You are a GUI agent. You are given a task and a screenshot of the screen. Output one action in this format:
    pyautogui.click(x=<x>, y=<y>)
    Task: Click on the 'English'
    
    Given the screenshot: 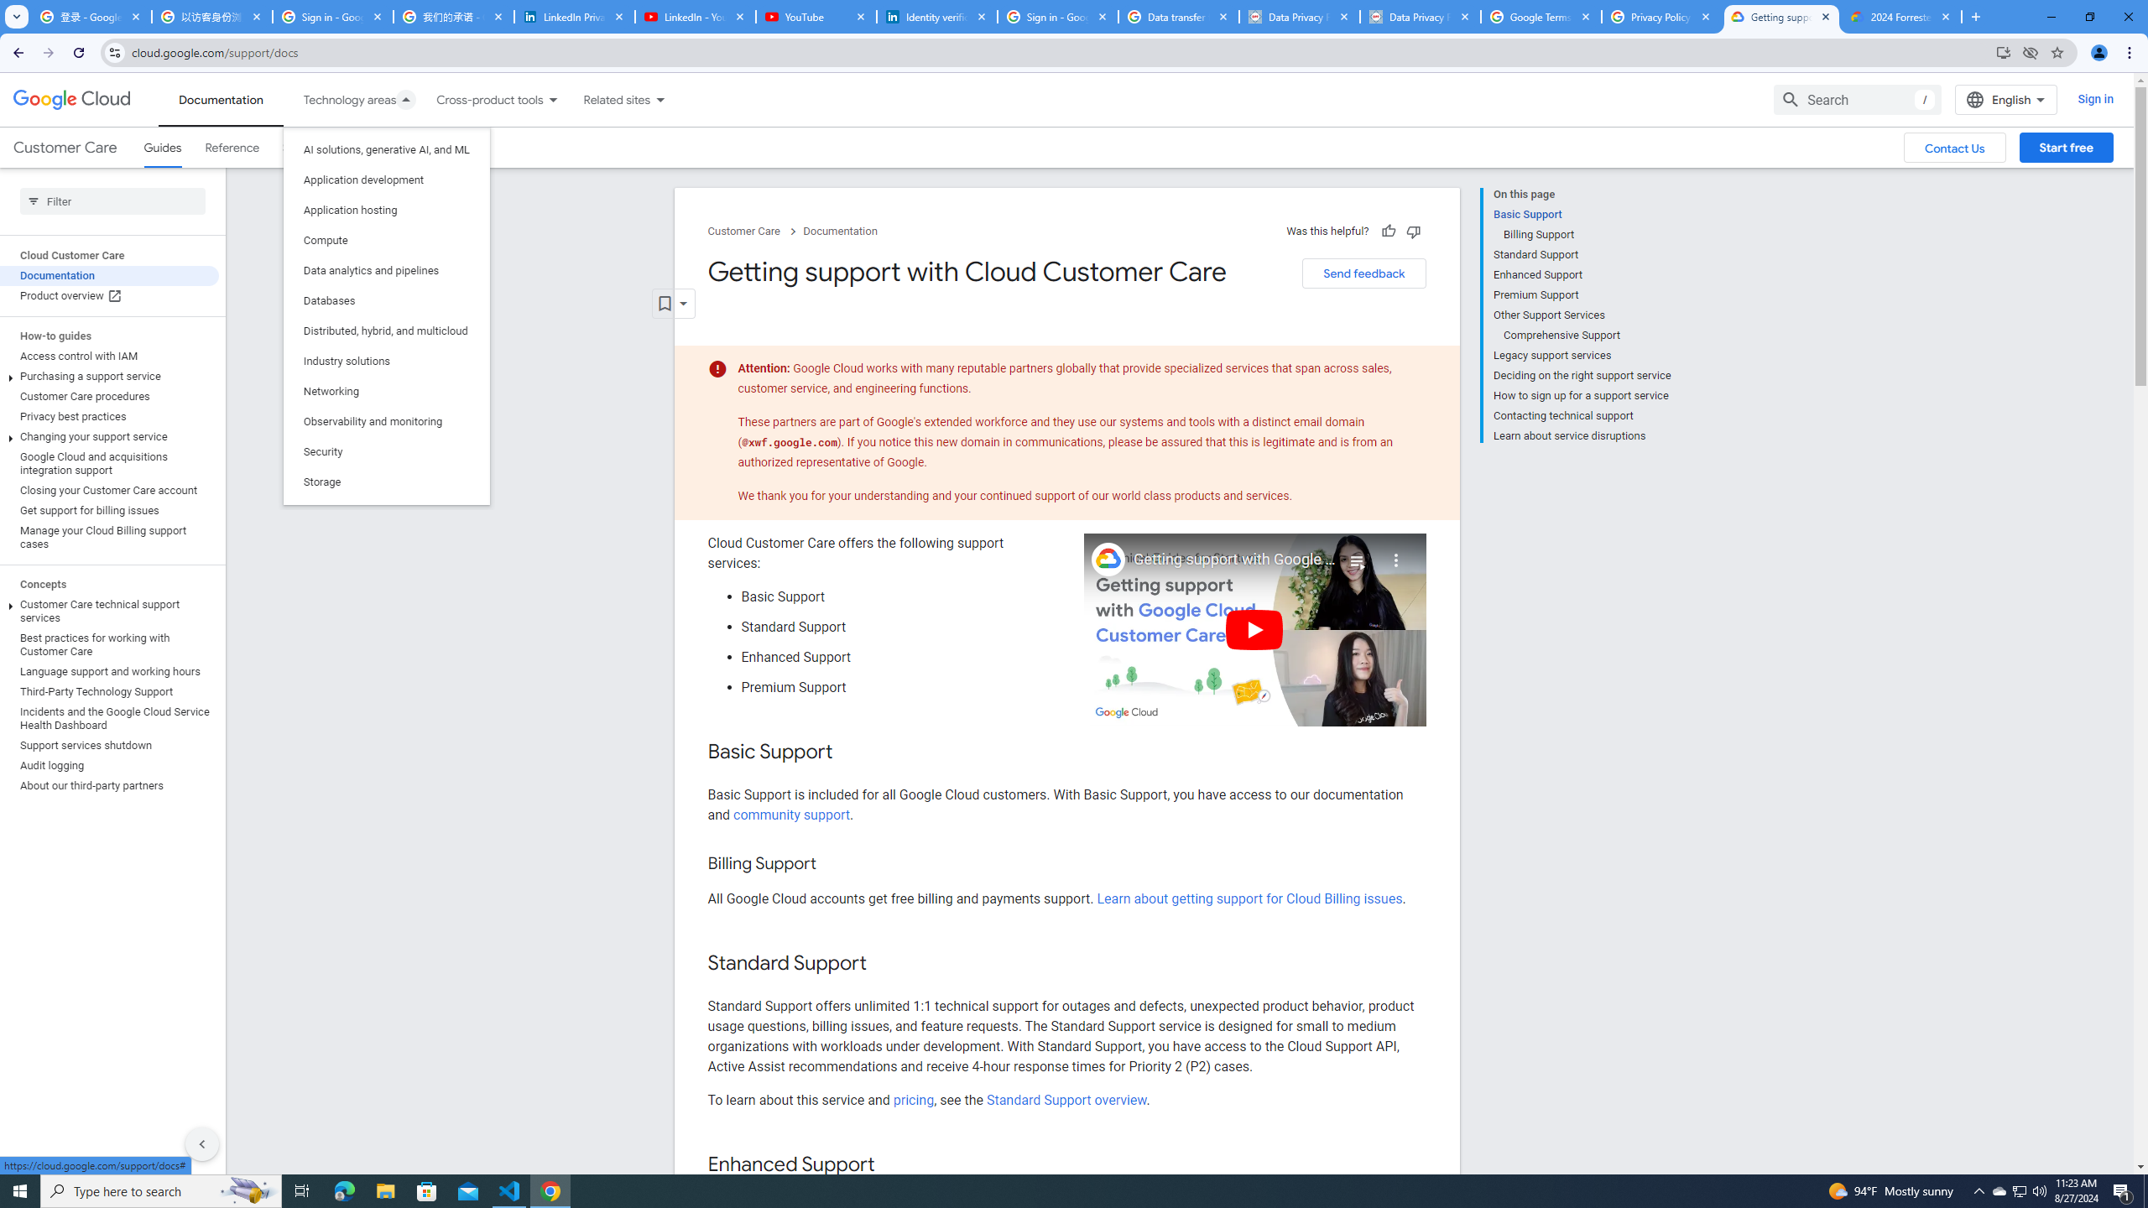 What is the action you would take?
    pyautogui.click(x=2005, y=99)
    